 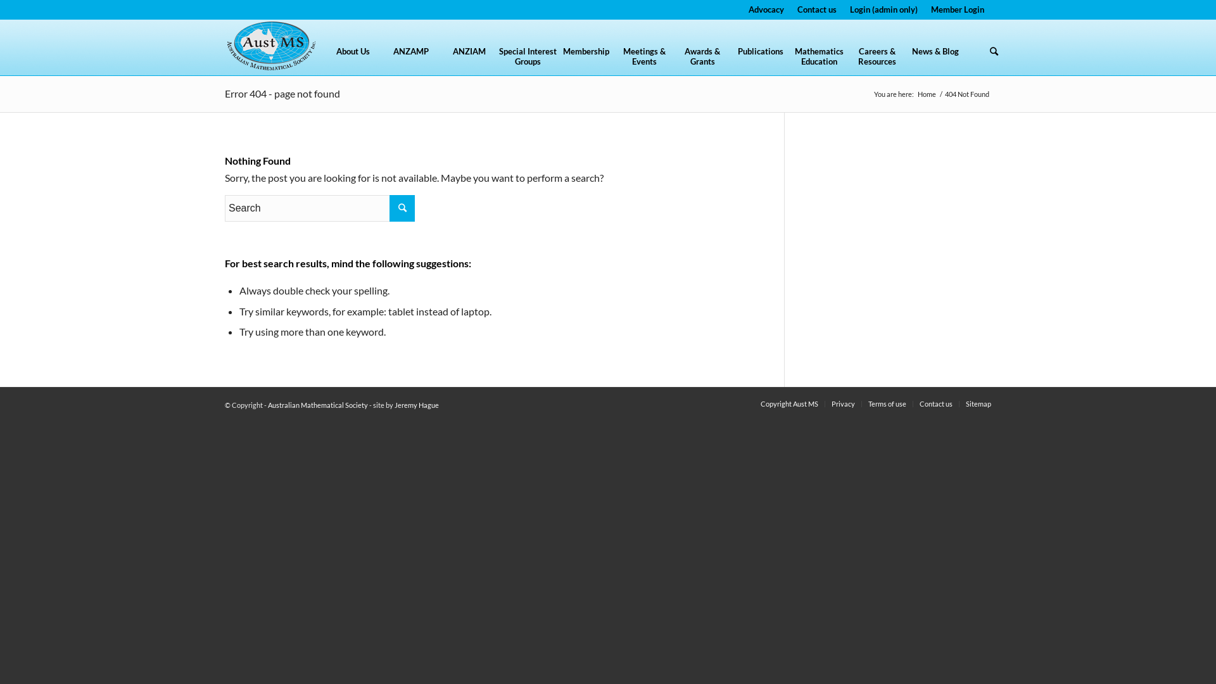 I want to click on 'Advocacy', so click(x=765, y=9).